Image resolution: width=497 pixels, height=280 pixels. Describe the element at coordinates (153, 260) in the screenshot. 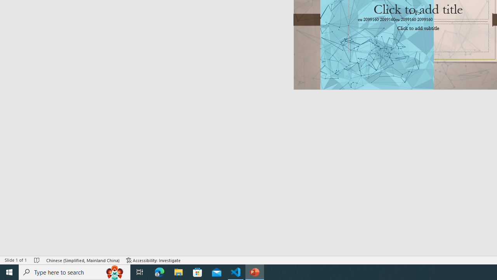

I see `'Accessibility Checker Accessibility: Investigate'` at that location.